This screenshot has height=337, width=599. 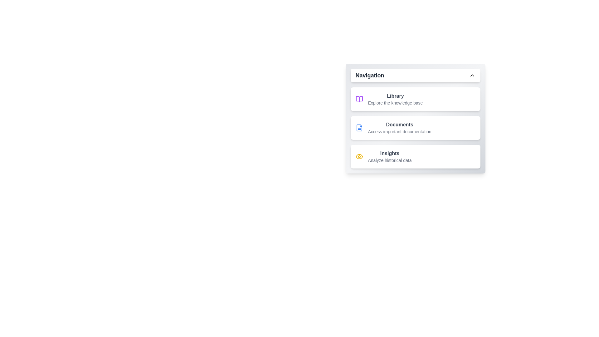 I want to click on the text of the menu item Documents, so click(x=374, y=125).